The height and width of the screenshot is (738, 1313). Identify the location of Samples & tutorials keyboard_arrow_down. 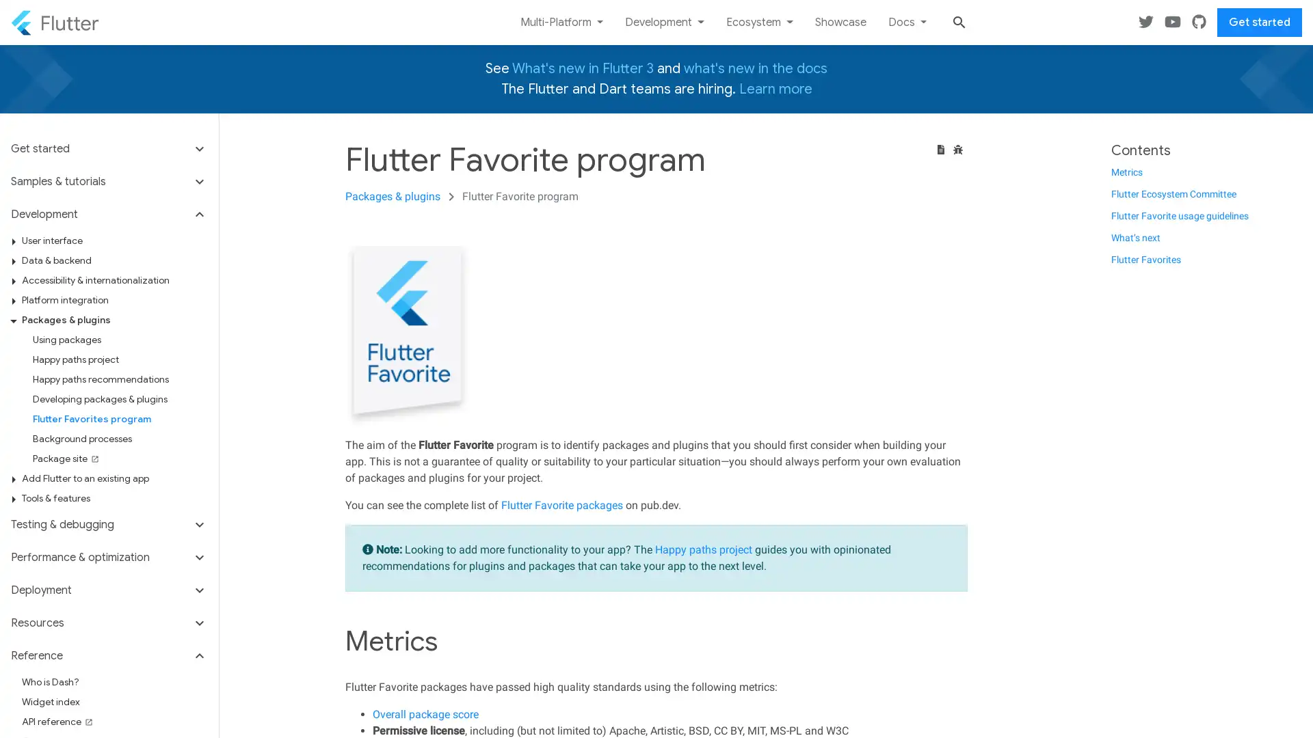
(108, 181).